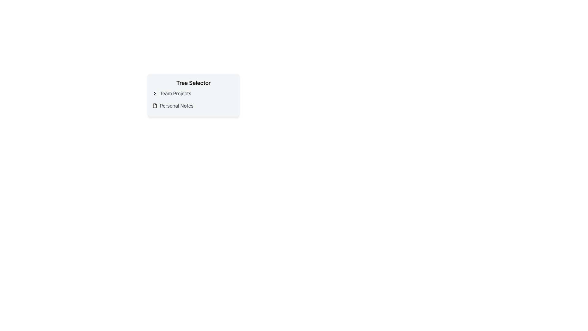 The height and width of the screenshot is (331, 588). What do you see at coordinates (193, 105) in the screenshot?
I see `the third menu item labeled 'Personal Notes' in the 'Tree Selector' menu` at bounding box center [193, 105].